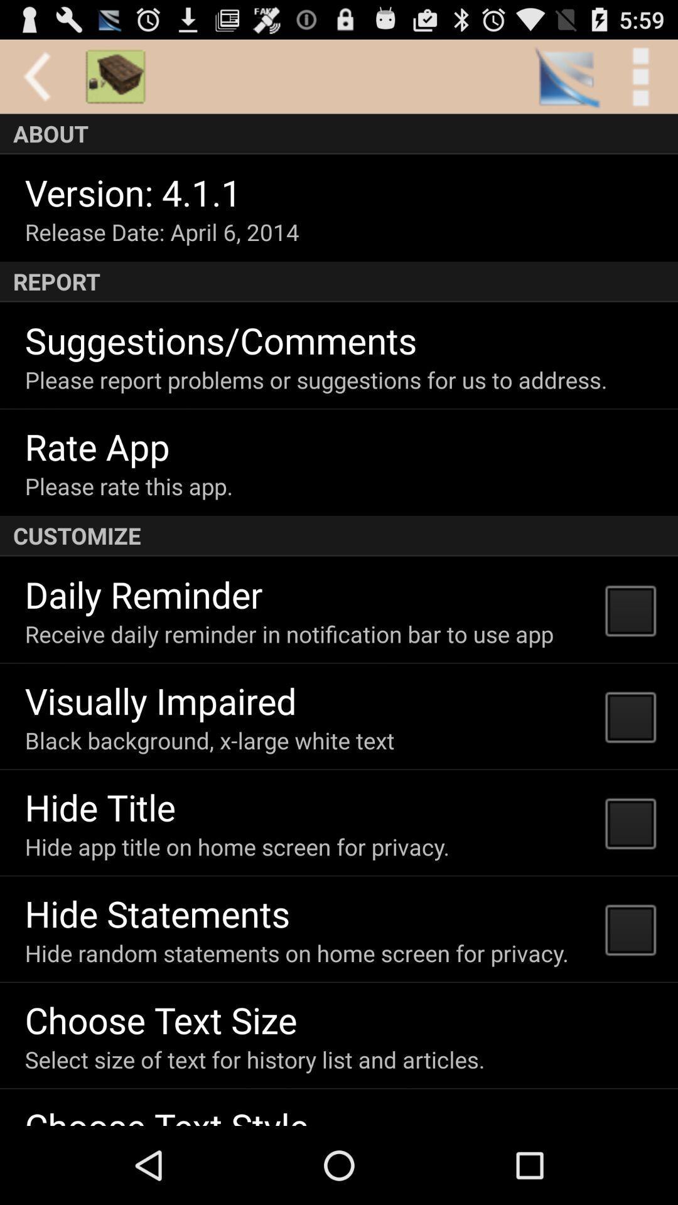 This screenshot has width=678, height=1205. I want to click on visually impaired item, so click(160, 700).